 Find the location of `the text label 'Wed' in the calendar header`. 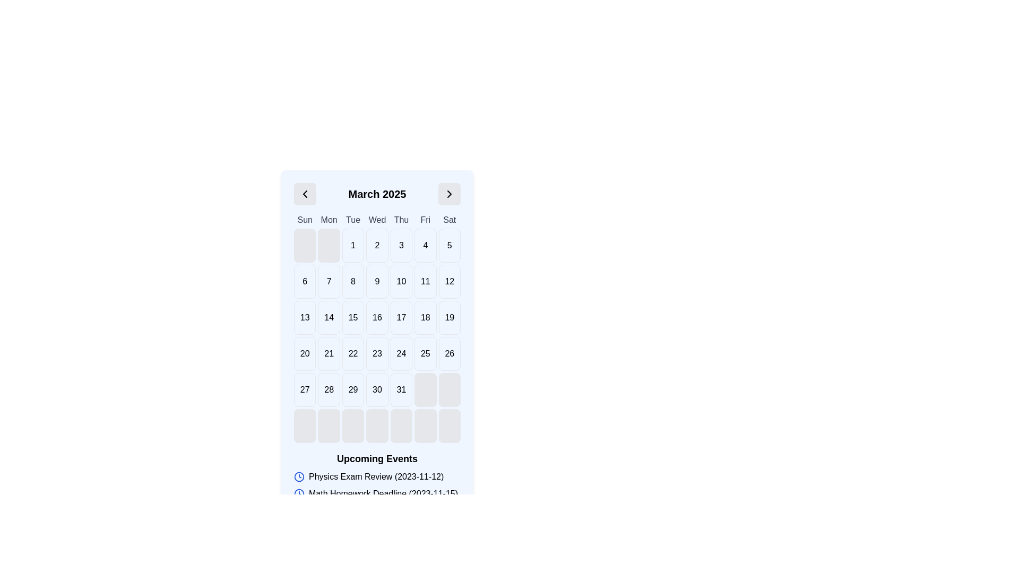

the text label 'Wed' in the calendar header is located at coordinates (377, 220).